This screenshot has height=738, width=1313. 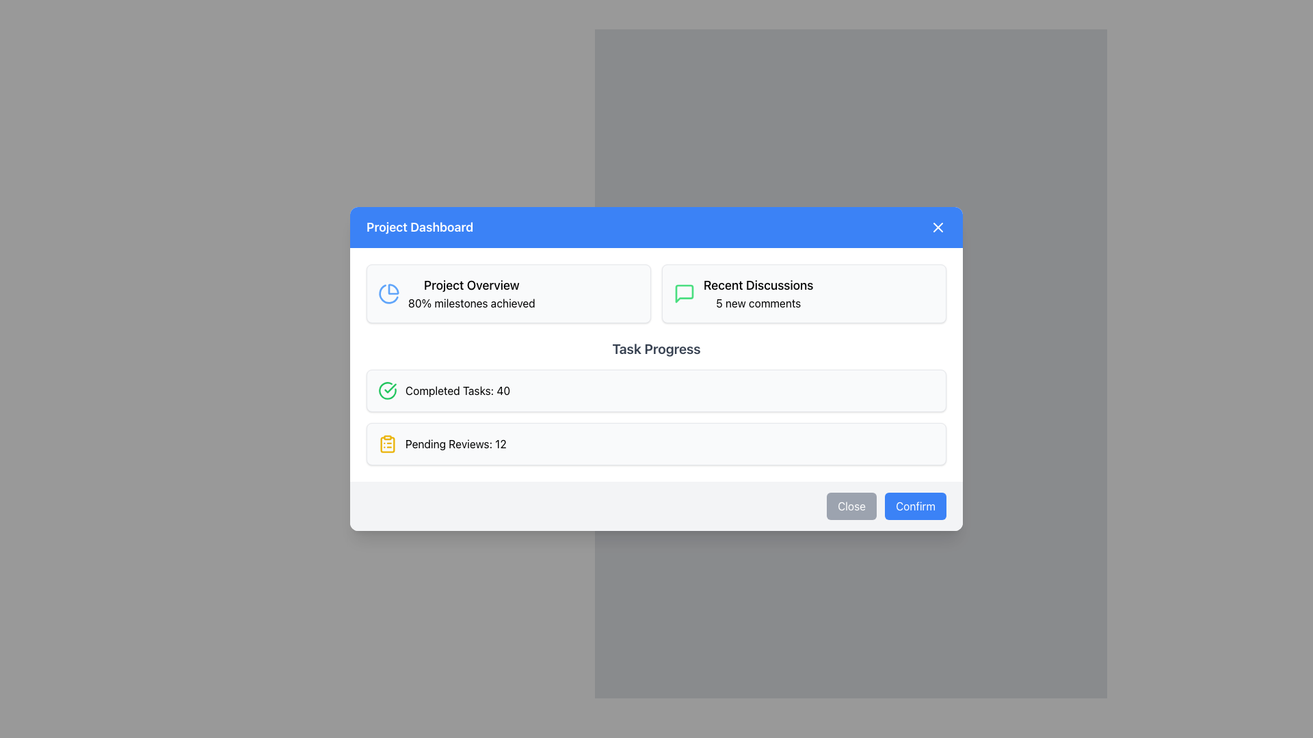 What do you see at coordinates (388, 292) in the screenshot?
I see `the pie chart icon with a blue stroke color located in the 'Project Overview' section of the 'Project Dashboard', positioned to the left of the text 'Project Overview'` at bounding box center [388, 292].